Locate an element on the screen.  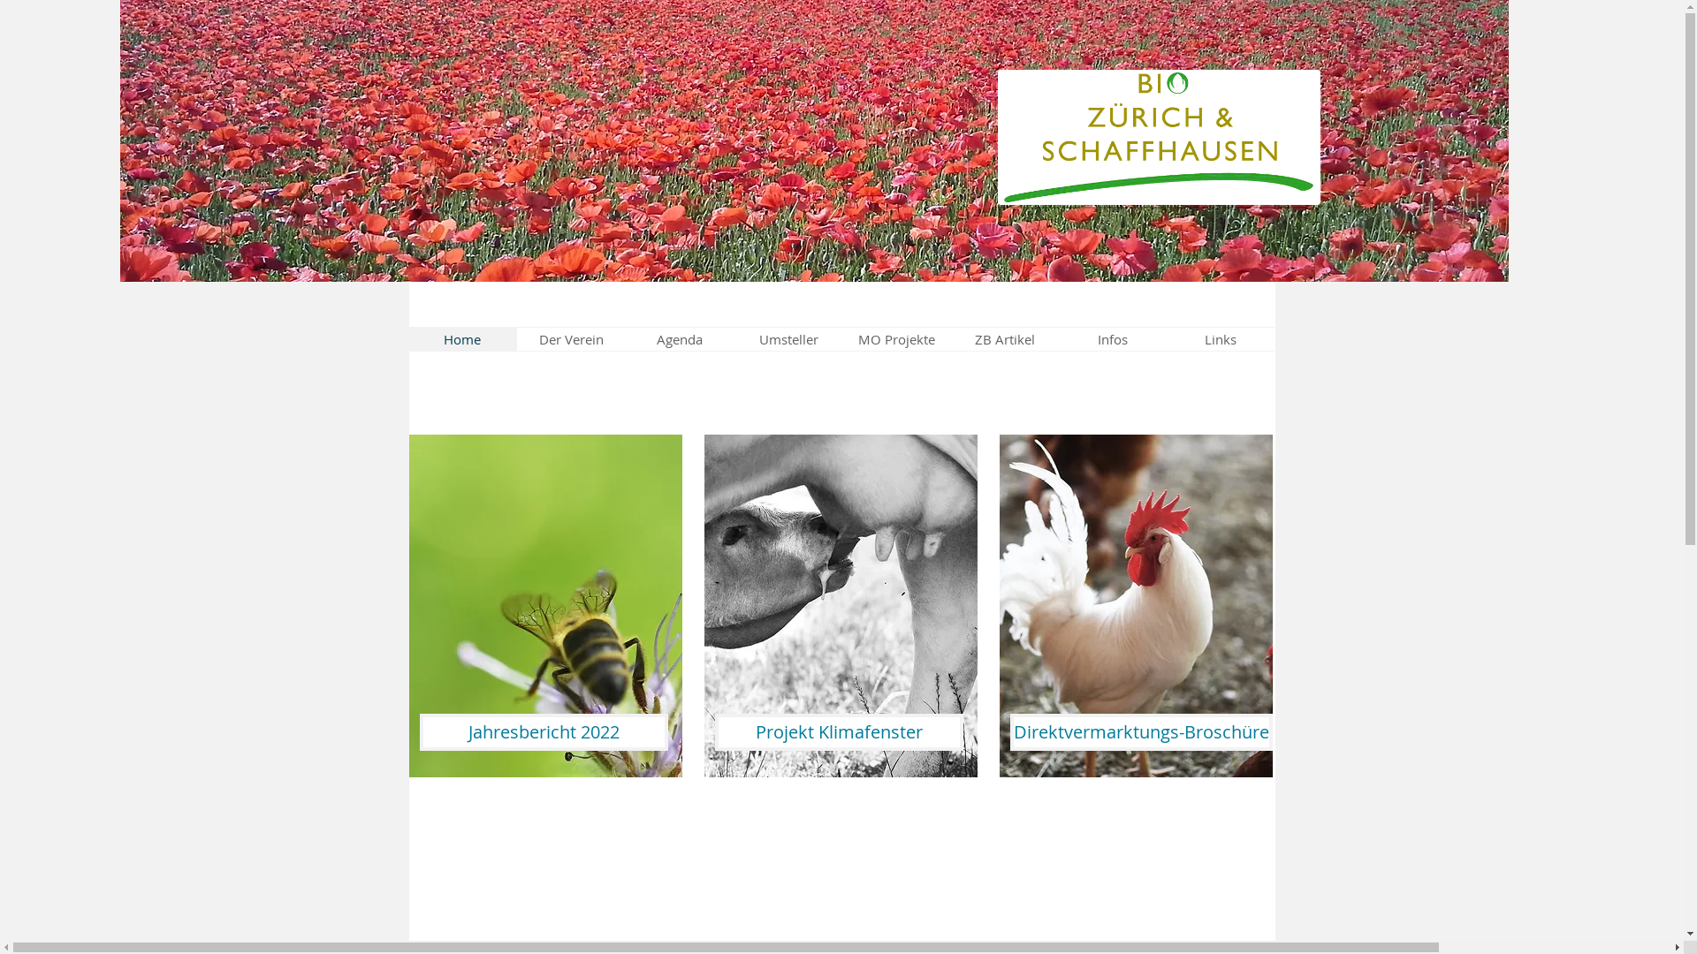
'ZB Artikel' is located at coordinates (1005, 339).